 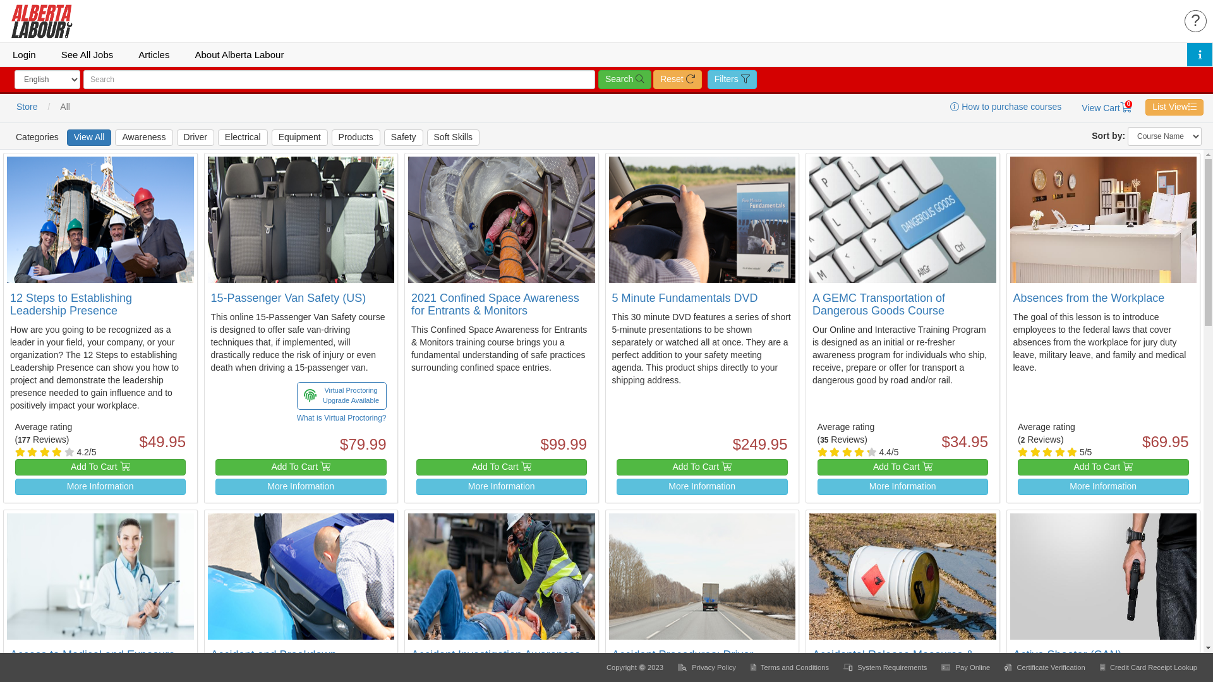 I want to click on 'More Information', so click(x=100, y=486).